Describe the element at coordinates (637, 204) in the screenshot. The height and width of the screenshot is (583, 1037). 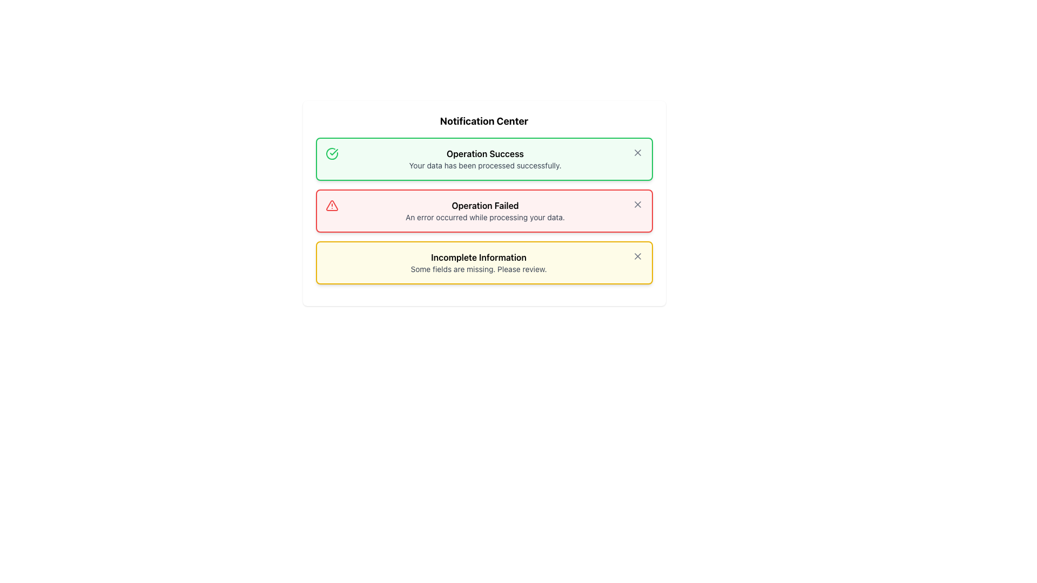
I see `the interactive close button located at the top-right of the 'Operation Failed' notification card` at that location.